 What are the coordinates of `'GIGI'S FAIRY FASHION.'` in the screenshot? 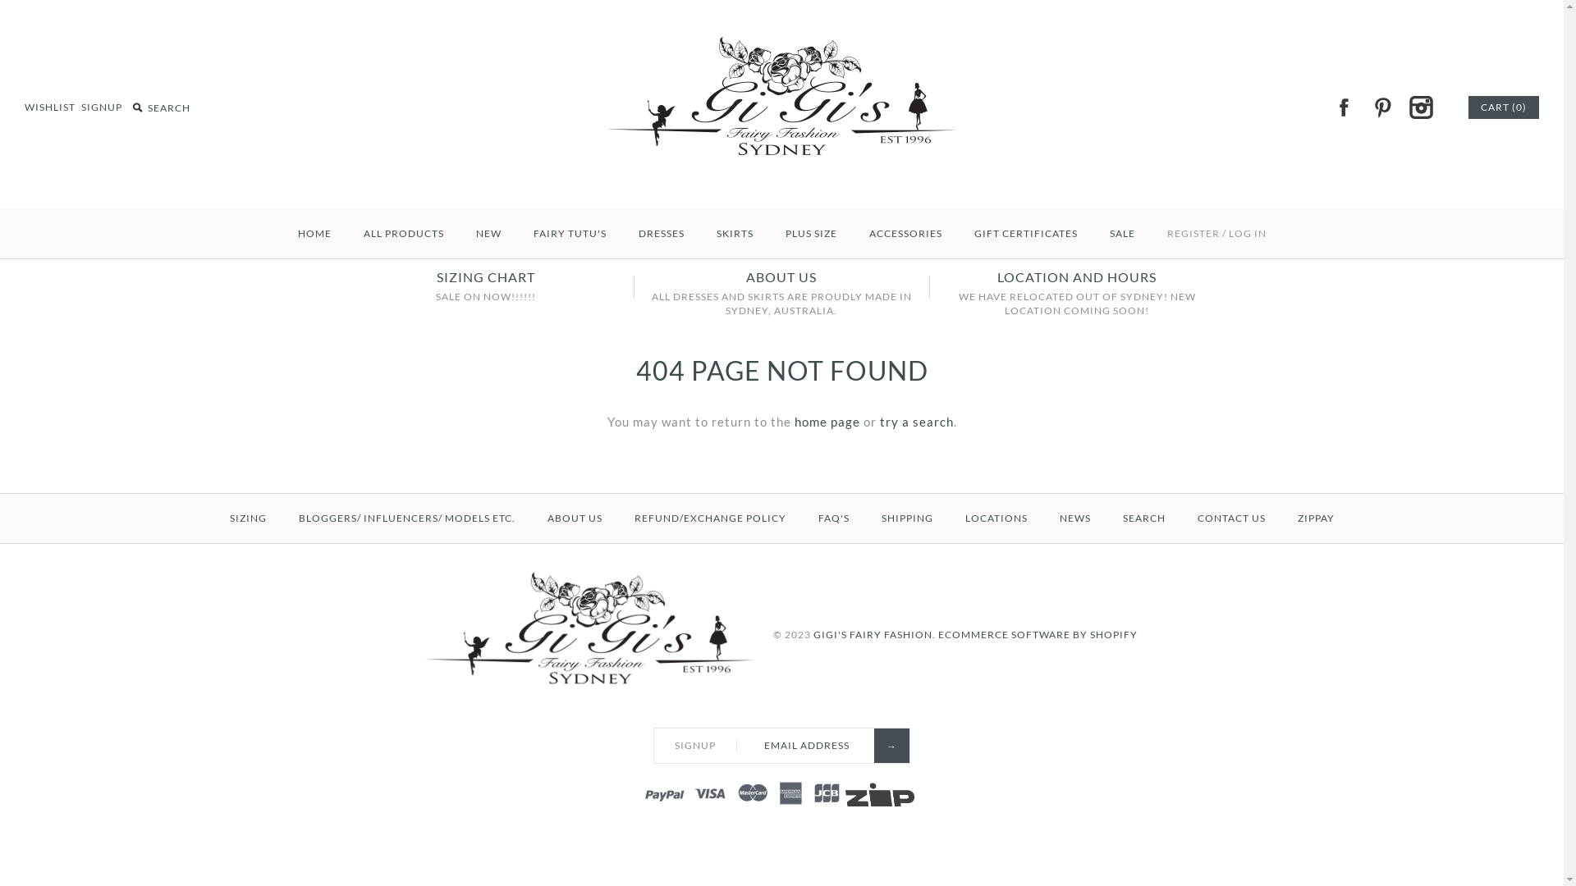 It's located at (873, 633).